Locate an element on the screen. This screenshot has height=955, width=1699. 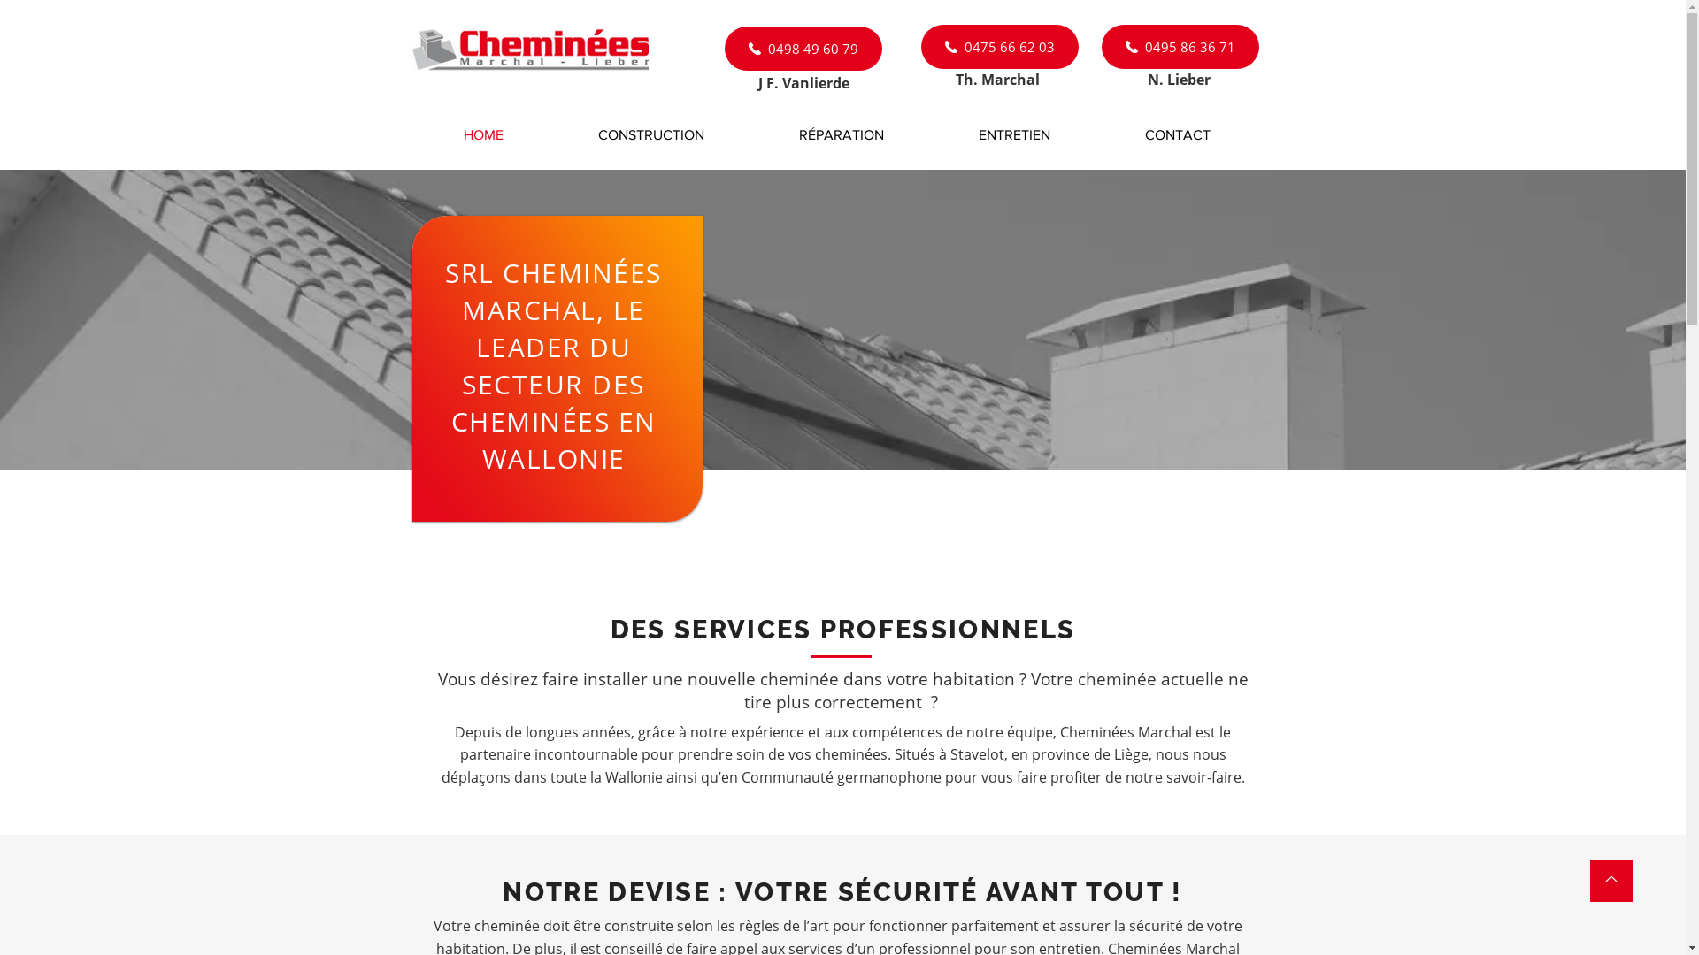
'0498 49 60 79' is located at coordinates (802, 47).